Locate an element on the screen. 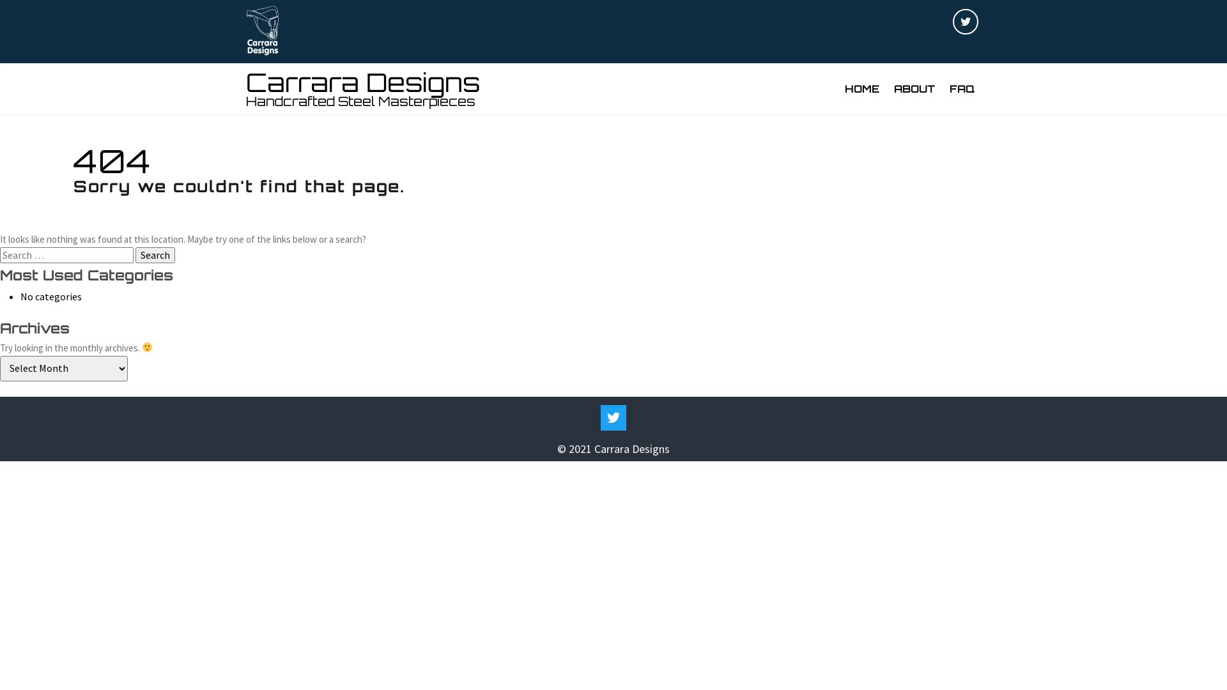  'FAQ' is located at coordinates (962, 88).